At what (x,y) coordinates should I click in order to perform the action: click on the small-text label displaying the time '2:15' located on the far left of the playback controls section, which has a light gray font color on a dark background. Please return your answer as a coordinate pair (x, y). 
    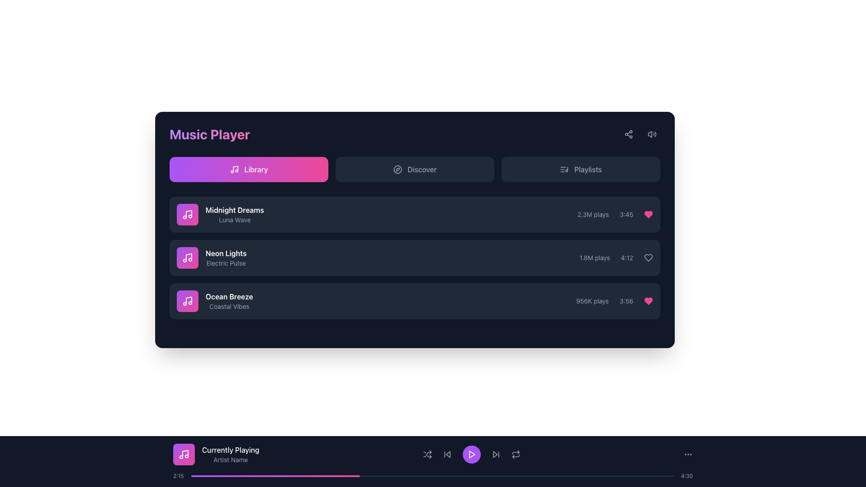
    Looking at the image, I should click on (178, 476).